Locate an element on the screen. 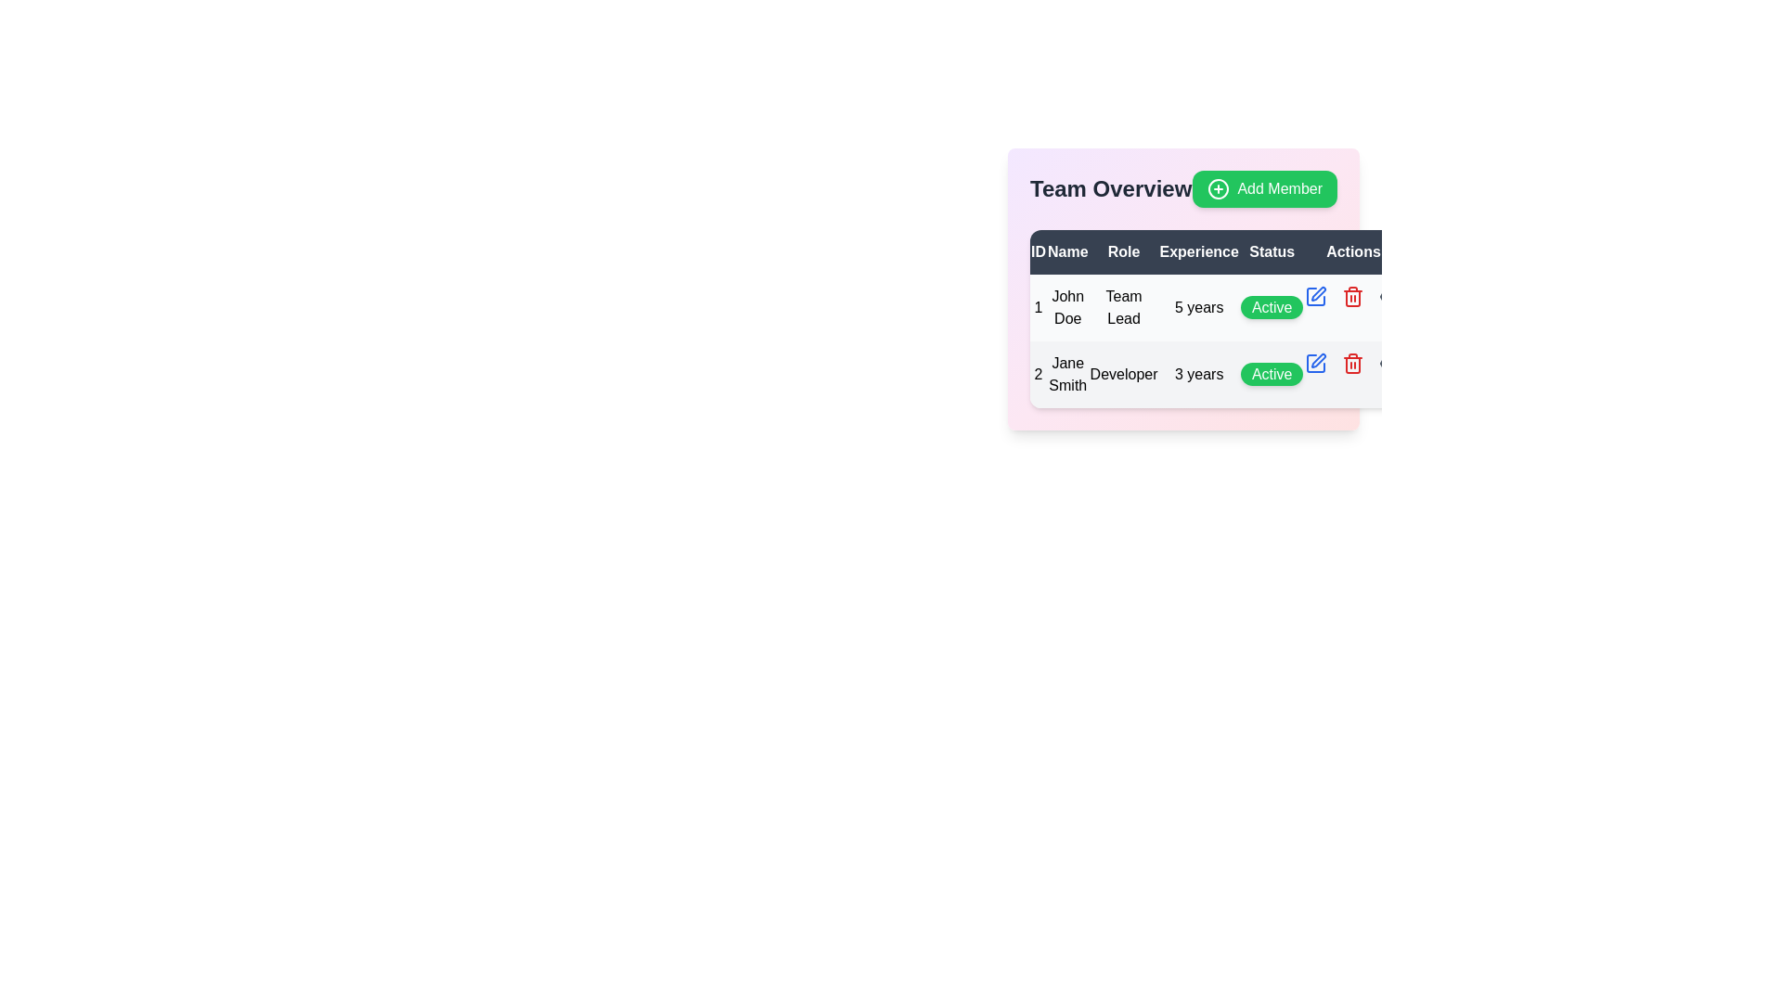  the 'Active' pill-shaped button with a green background and white text in the 'Status' column of the table for 'Jane Smith' is located at coordinates (1271, 374).